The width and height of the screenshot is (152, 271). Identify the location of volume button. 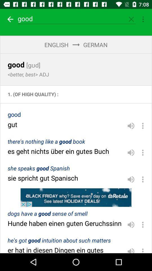
(131, 249).